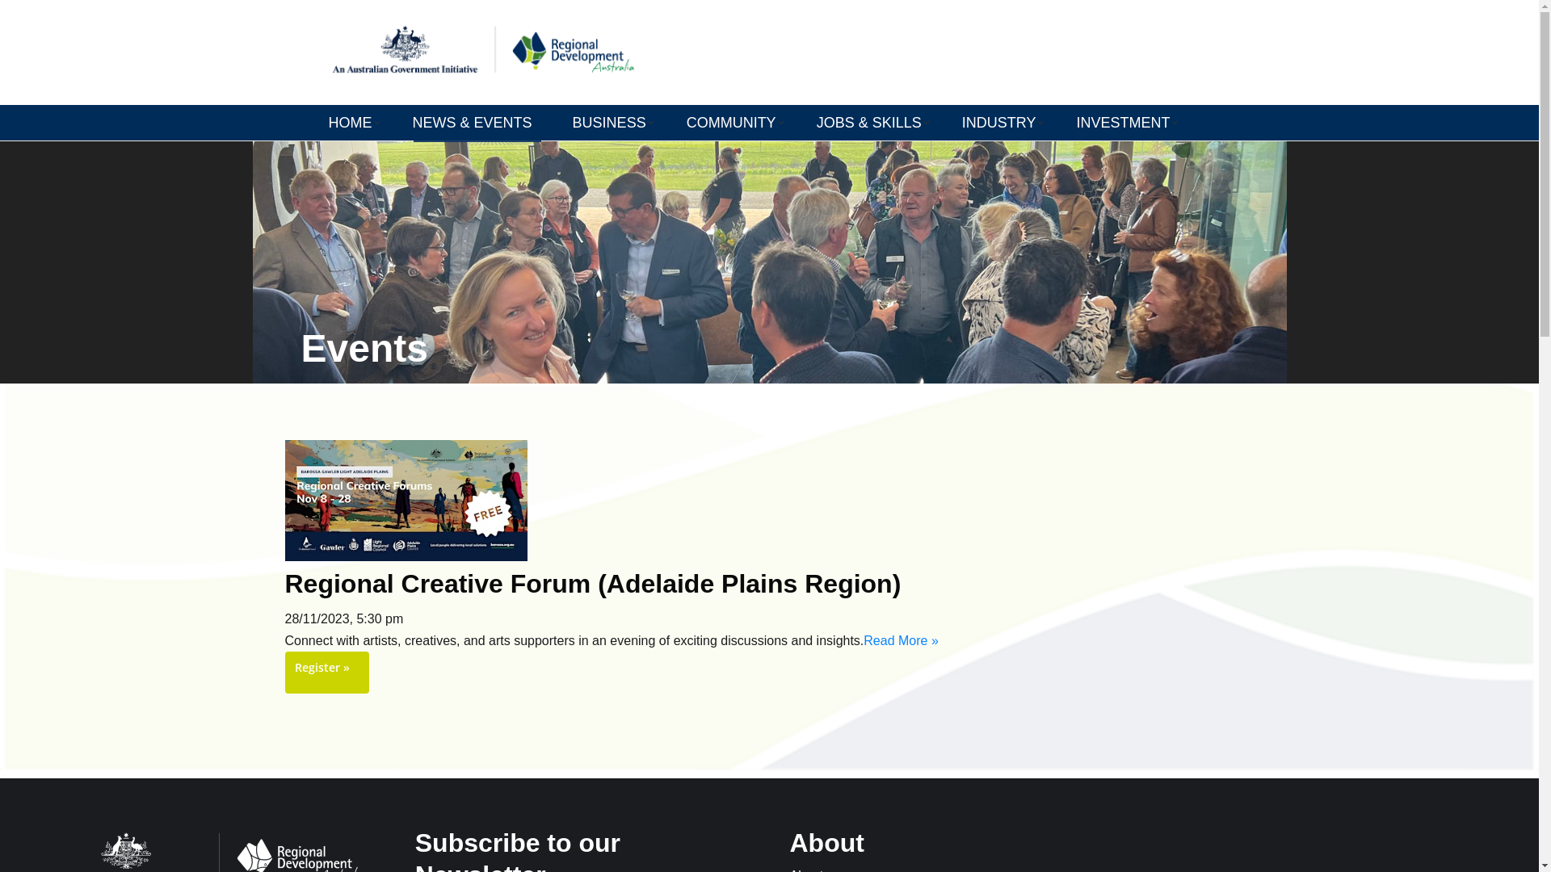 This screenshot has height=872, width=1551. What do you see at coordinates (612, 121) in the screenshot?
I see `'BUSINESS'` at bounding box center [612, 121].